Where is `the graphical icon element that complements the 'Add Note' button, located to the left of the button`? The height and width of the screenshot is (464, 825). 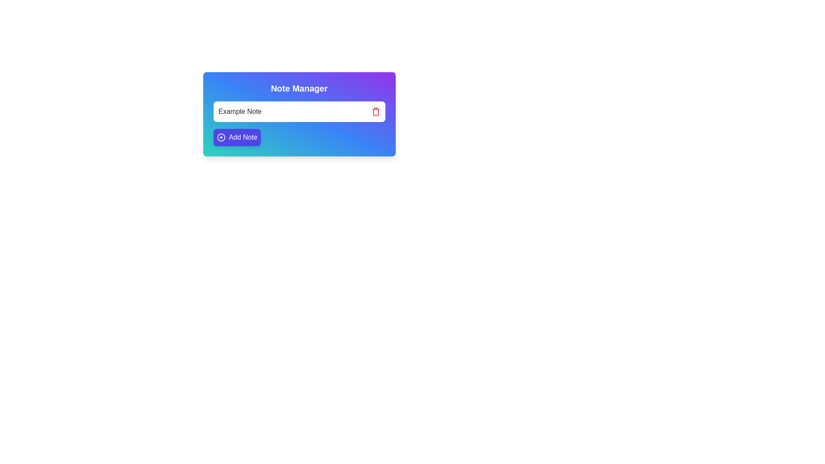 the graphical icon element that complements the 'Add Note' button, located to the left of the button is located at coordinates (221, 137).